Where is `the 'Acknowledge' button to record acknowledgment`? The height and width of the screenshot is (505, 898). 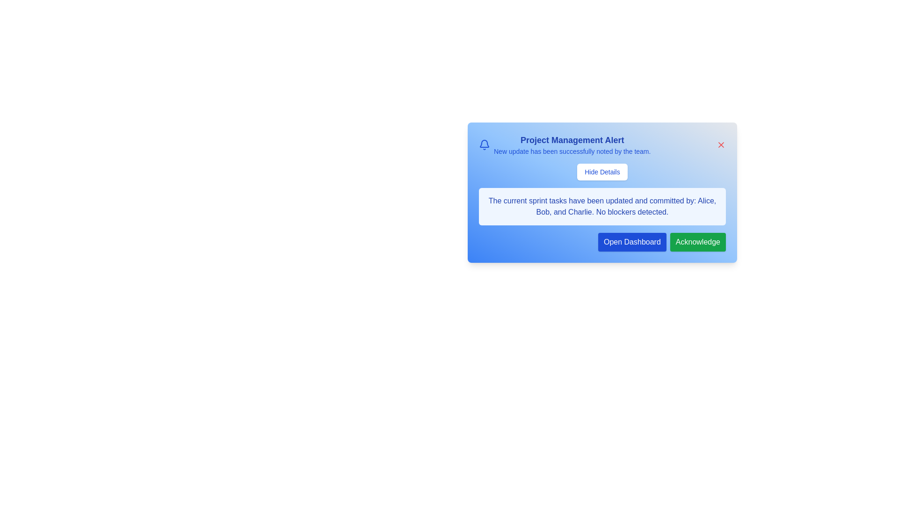 the 'Acknowledge' button to record acknowledgment is located at coordinates (698, 241).